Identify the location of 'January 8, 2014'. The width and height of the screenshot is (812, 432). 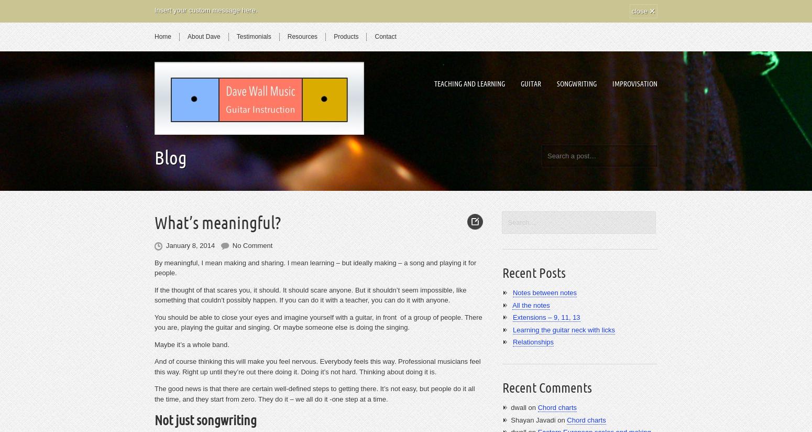
(190, 245).